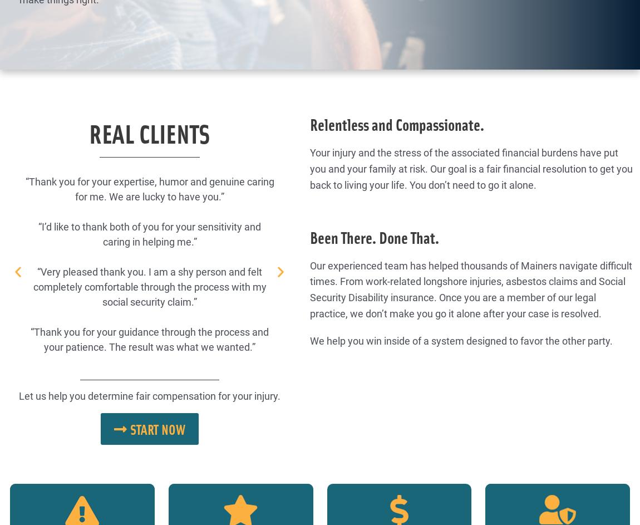 Image resolution: width=640 pixels, height=525 pixels. I want to click on 'Our experienced team has helped thousands of Mainers navigate difficult times.  From work-related longshore injuries, asbestos claims and Social Security Disability insurance.  Once you are a member of our legal practice, we don’t make you go it alone after your case is resolved.', so click(470, 288).